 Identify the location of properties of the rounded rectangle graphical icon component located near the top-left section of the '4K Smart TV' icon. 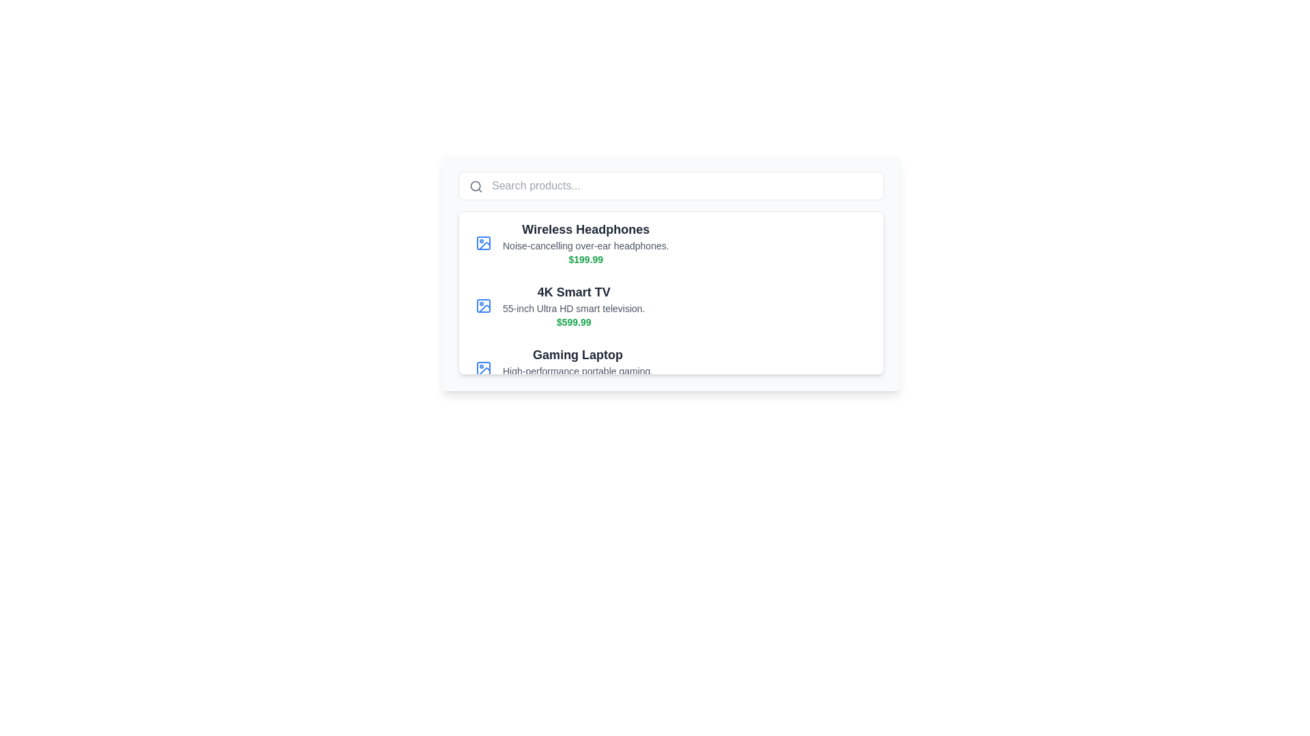
(484, 305).